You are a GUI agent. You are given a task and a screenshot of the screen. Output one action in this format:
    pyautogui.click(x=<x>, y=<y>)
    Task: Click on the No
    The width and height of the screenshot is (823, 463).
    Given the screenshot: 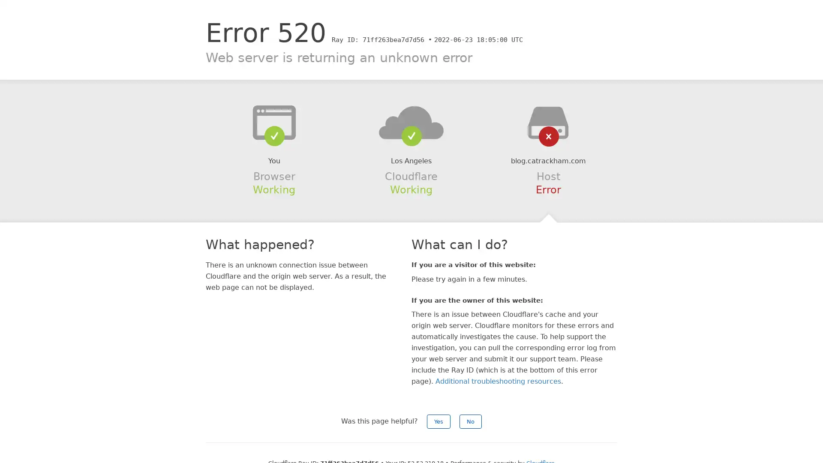 What is the action you would take?
    pyautogui.click(x=470, y=421)
    